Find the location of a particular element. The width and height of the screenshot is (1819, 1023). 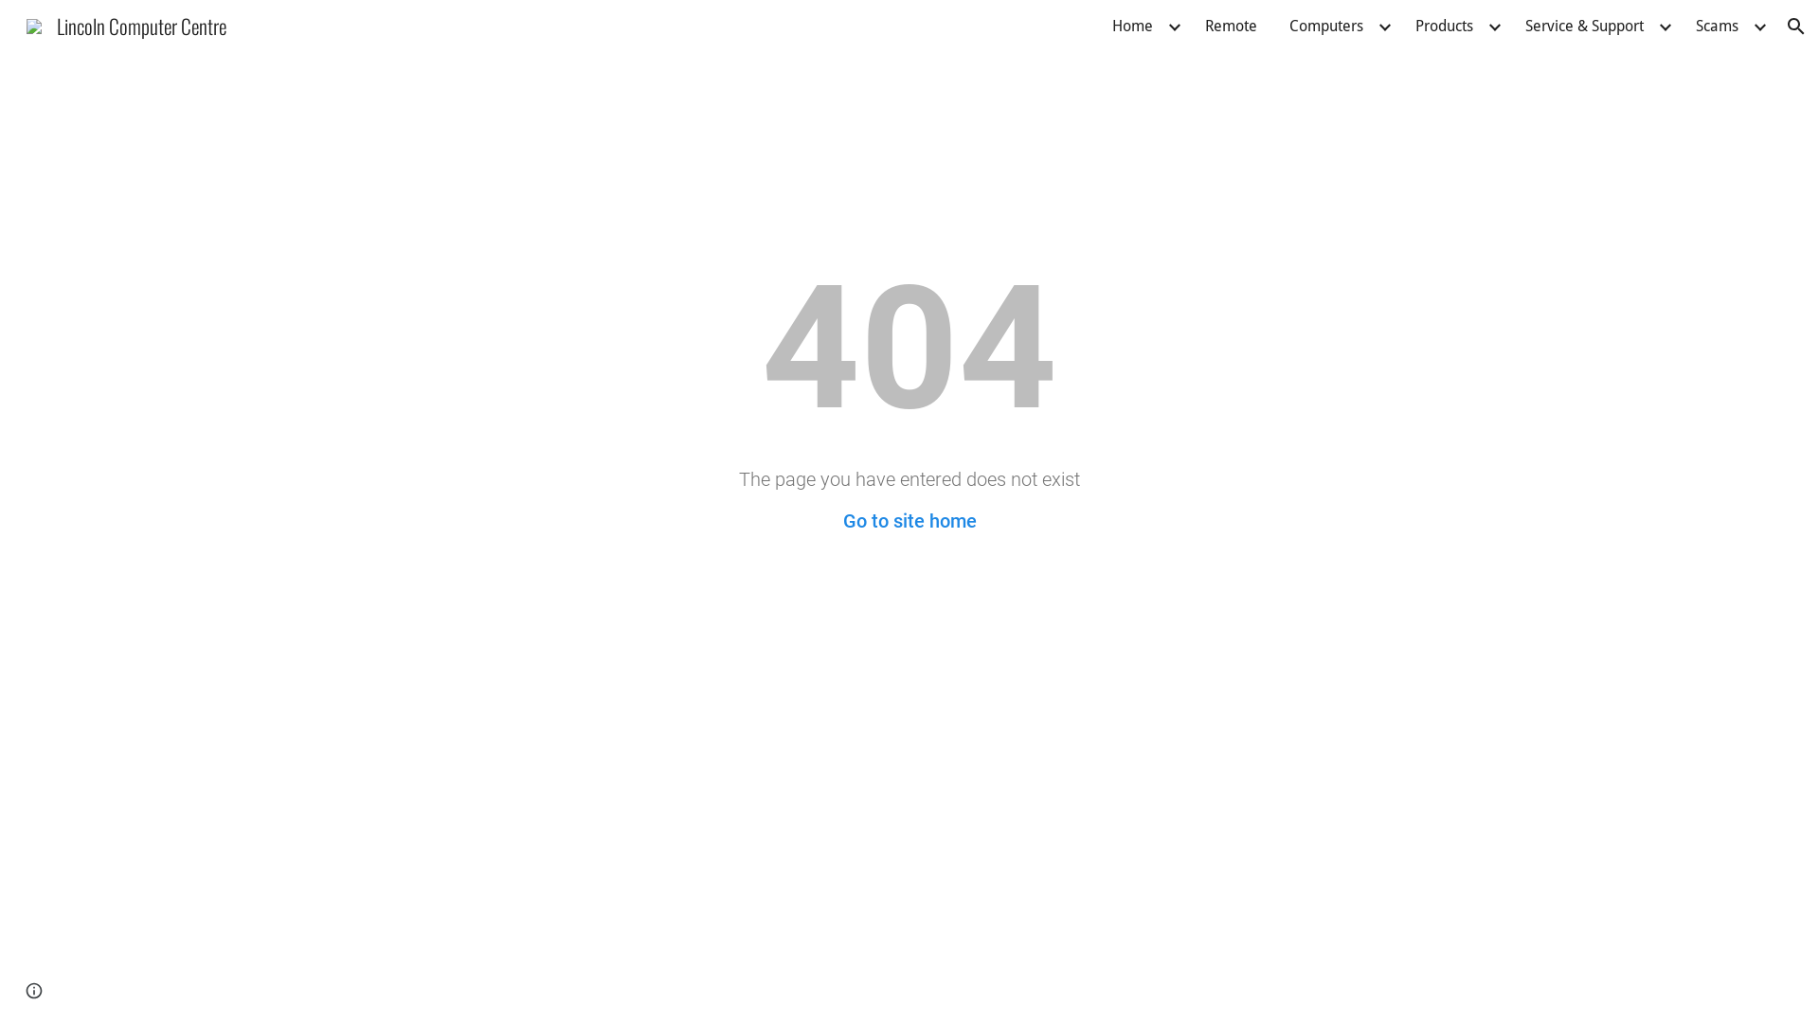

'Home' is located at coordinates (1132, 26).